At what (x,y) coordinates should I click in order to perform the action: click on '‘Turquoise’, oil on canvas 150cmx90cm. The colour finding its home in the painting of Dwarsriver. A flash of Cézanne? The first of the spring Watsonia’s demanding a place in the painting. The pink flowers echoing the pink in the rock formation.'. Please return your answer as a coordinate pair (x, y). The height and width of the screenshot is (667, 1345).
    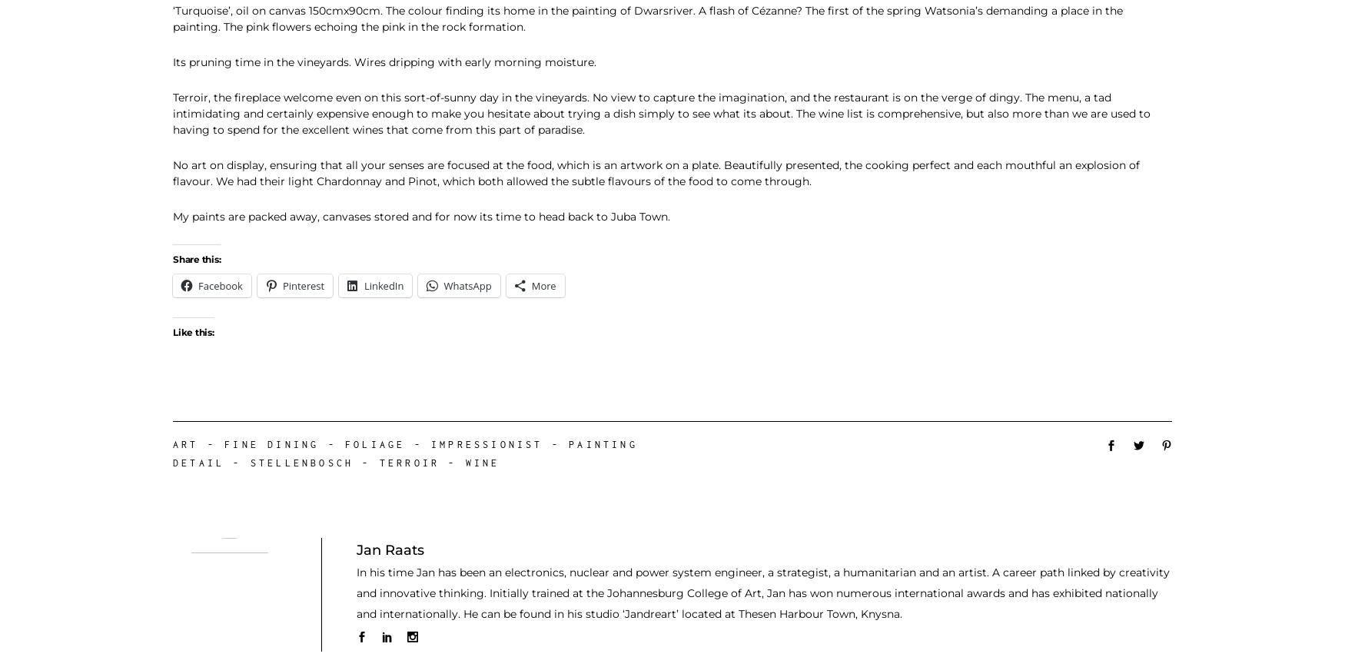
    Looking at the image, I should click on (173, 18).